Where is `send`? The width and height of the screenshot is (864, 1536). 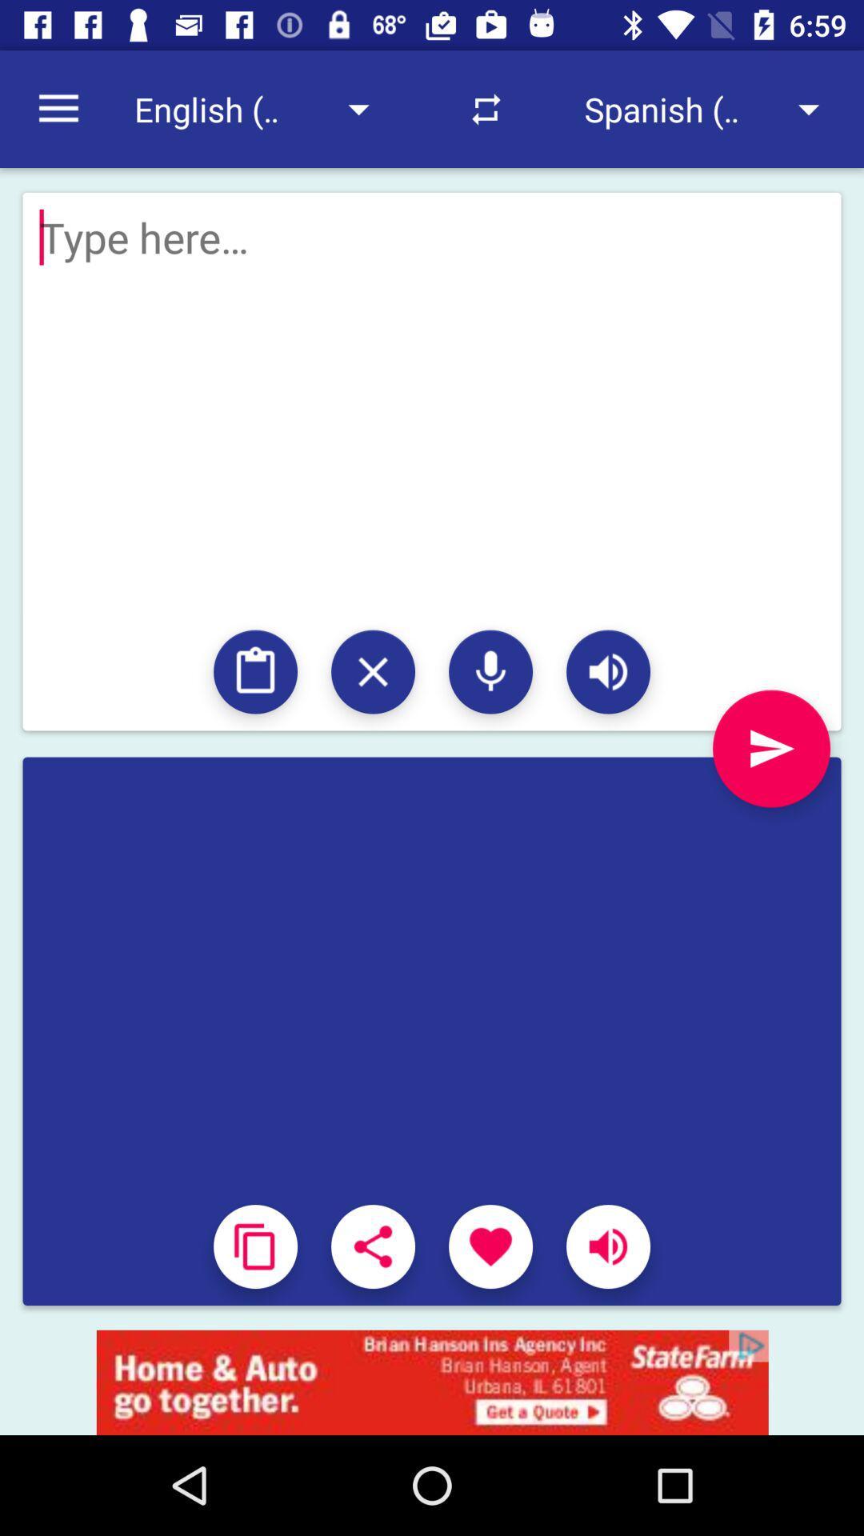 send is located at coordinates (770, 748).